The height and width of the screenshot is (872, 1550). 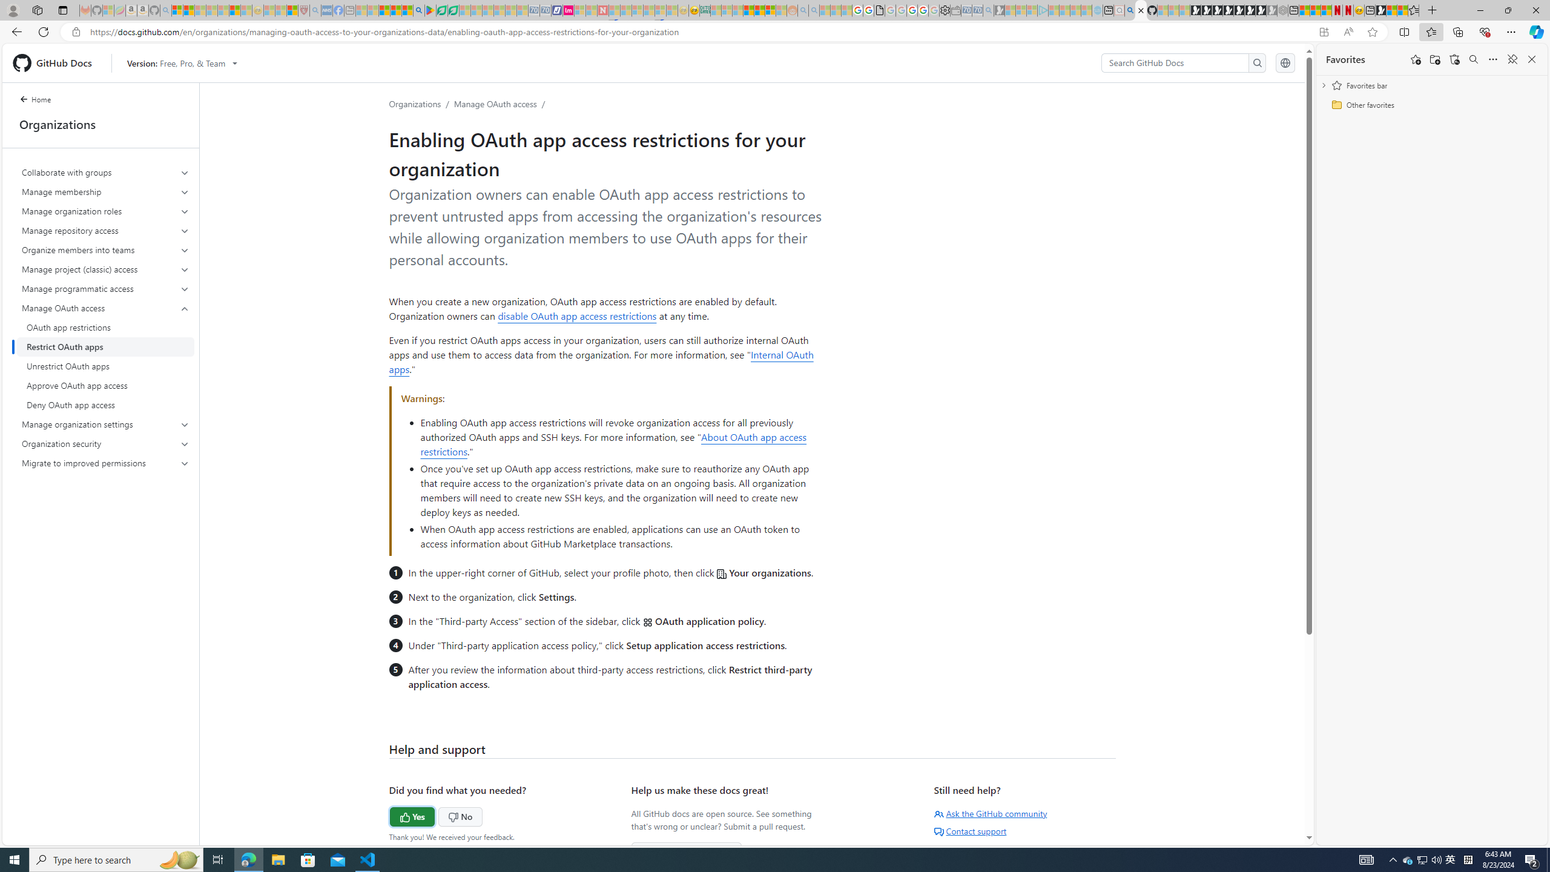 What do you see at coordinates (37, 10) in the screenshot?
I see `'Workspaces'` at bounding box center [37, 10].